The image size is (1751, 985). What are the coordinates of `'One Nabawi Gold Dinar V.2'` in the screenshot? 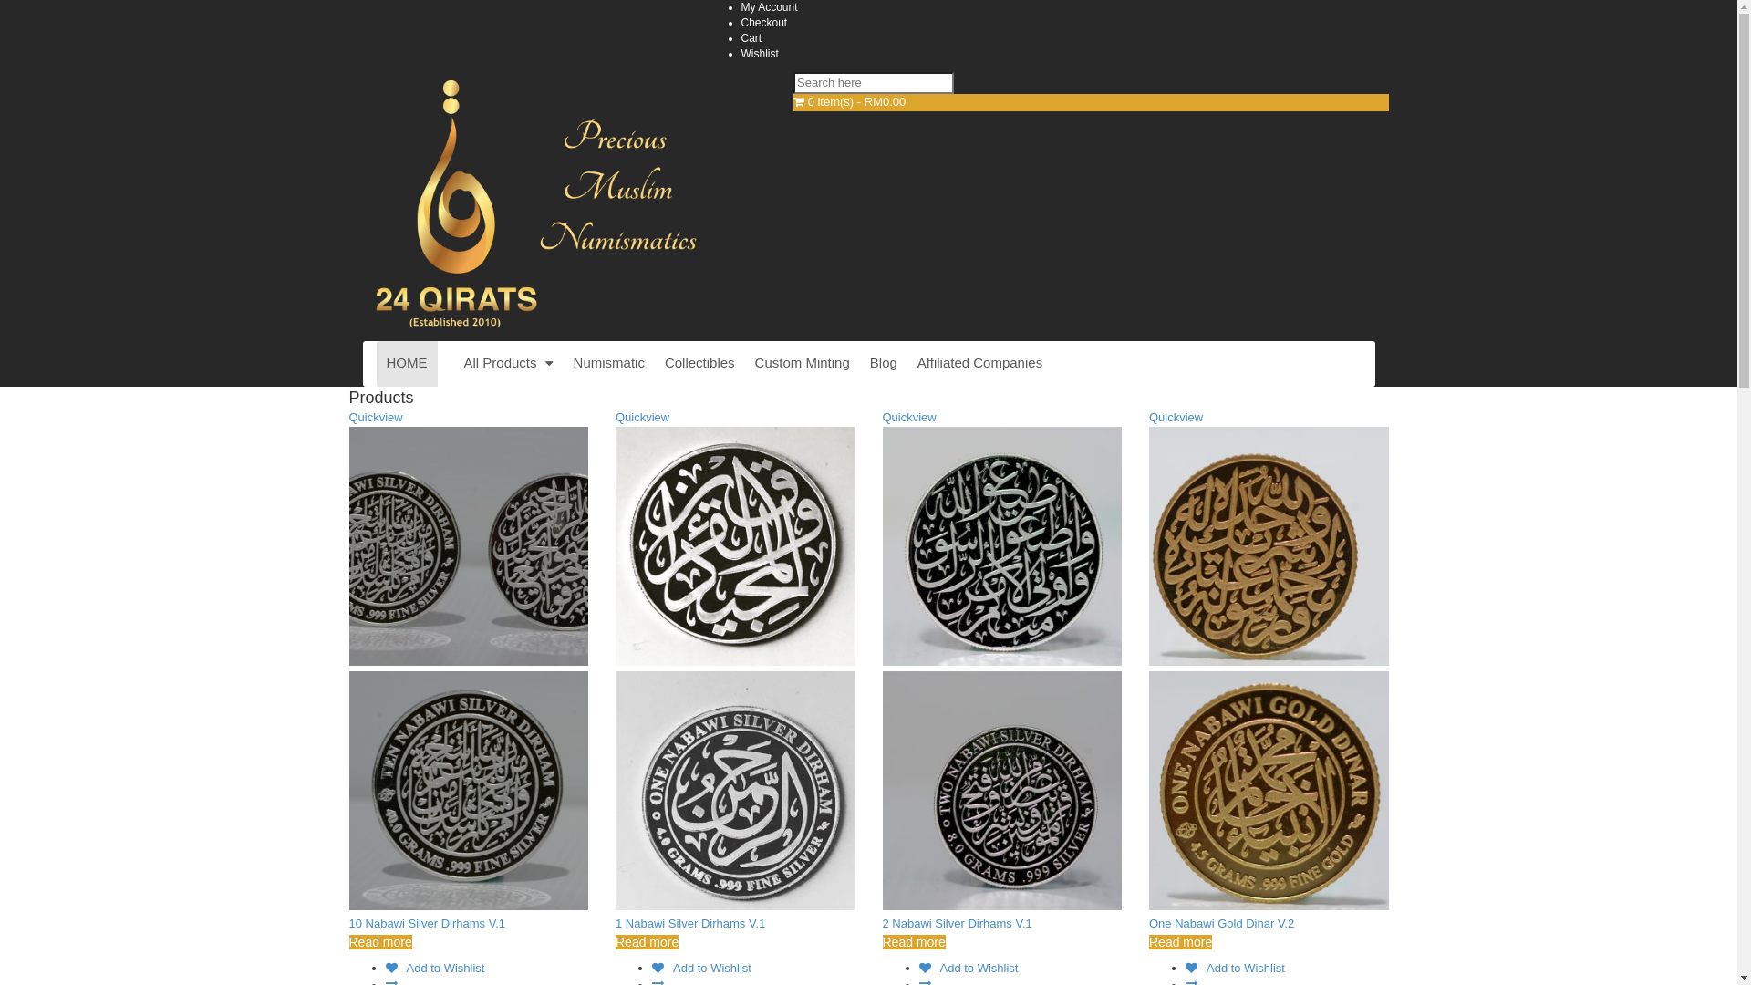 It's located at (1221, 923).